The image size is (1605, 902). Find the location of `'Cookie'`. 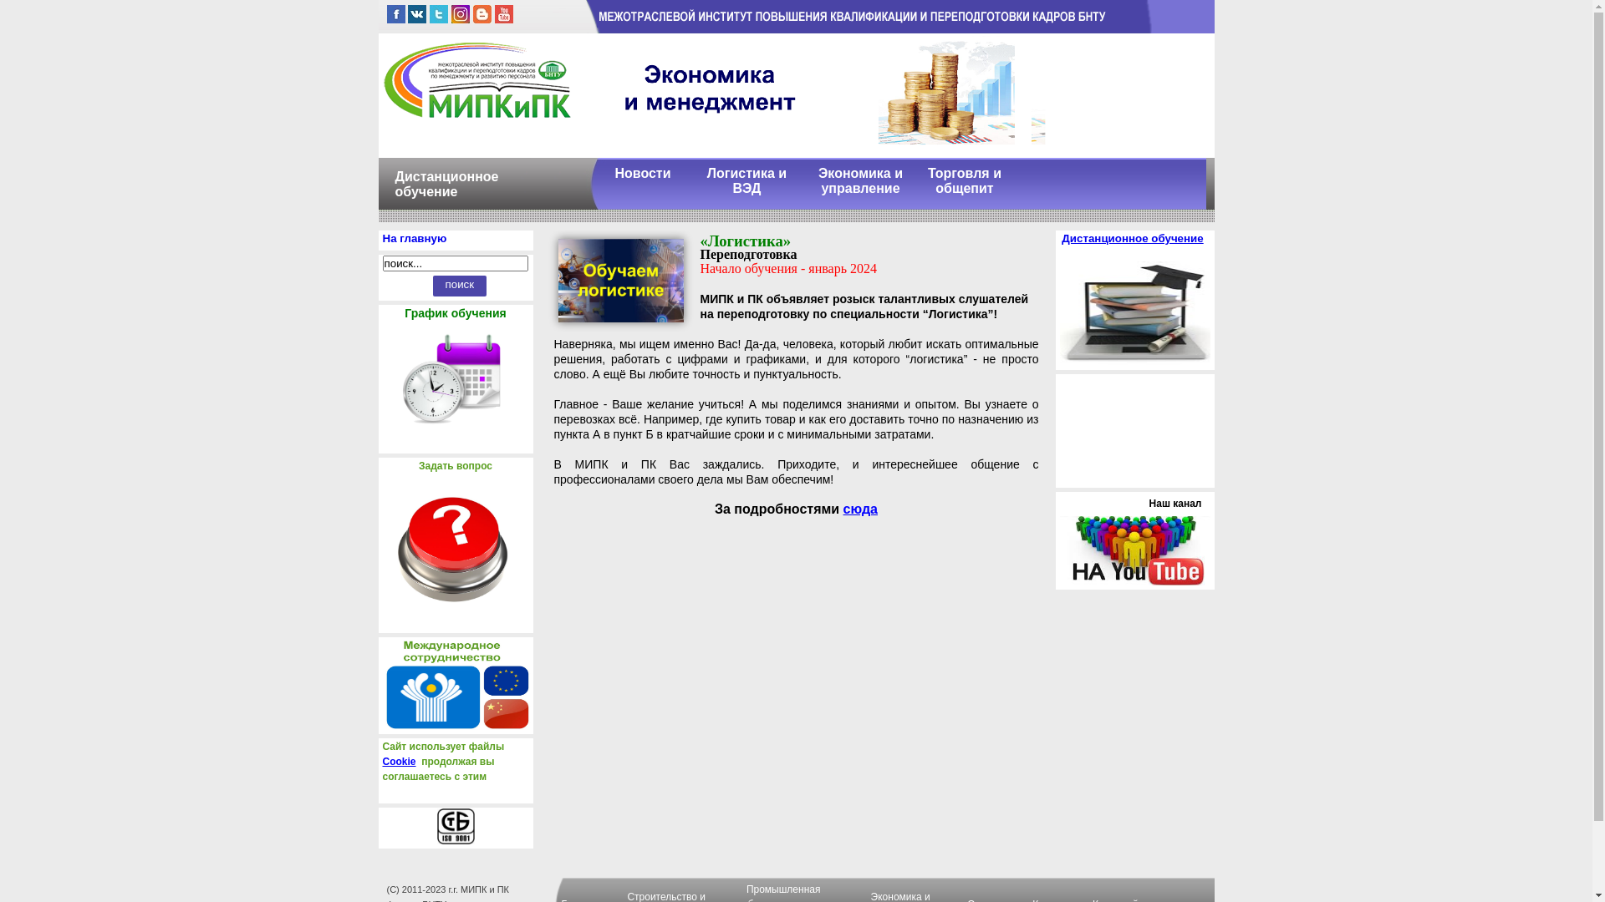

'Cookie' is located at coordinates (399, 761).